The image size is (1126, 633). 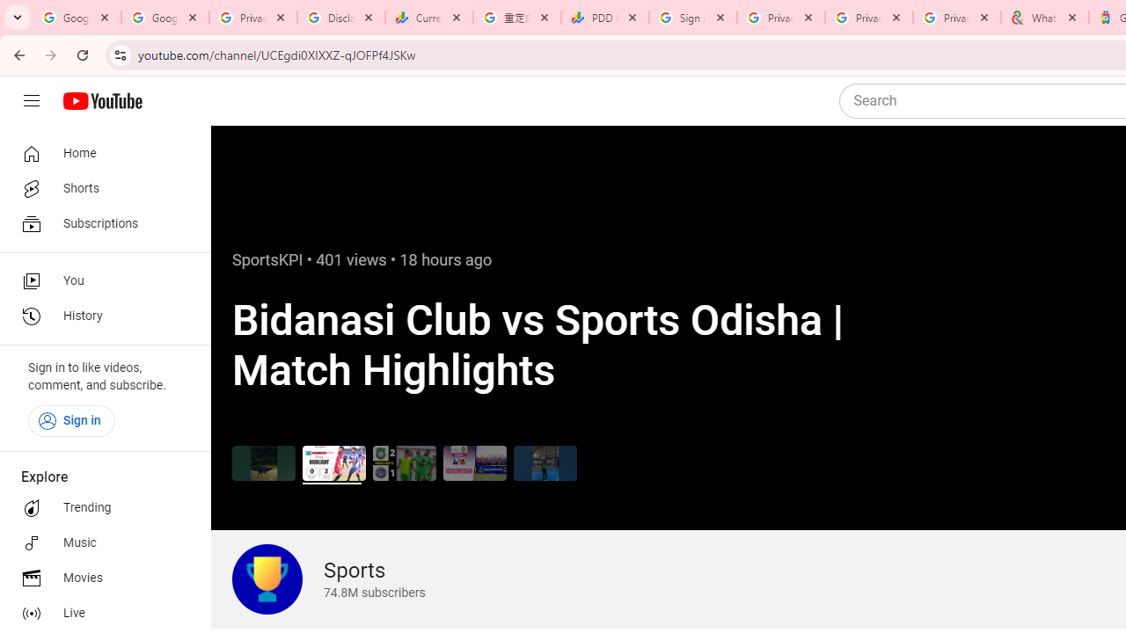 What do you see at coordinates (692, 18) in the screenshot?
I see `'Sign in - Google Accounts'` at bounding box center [692, 18].